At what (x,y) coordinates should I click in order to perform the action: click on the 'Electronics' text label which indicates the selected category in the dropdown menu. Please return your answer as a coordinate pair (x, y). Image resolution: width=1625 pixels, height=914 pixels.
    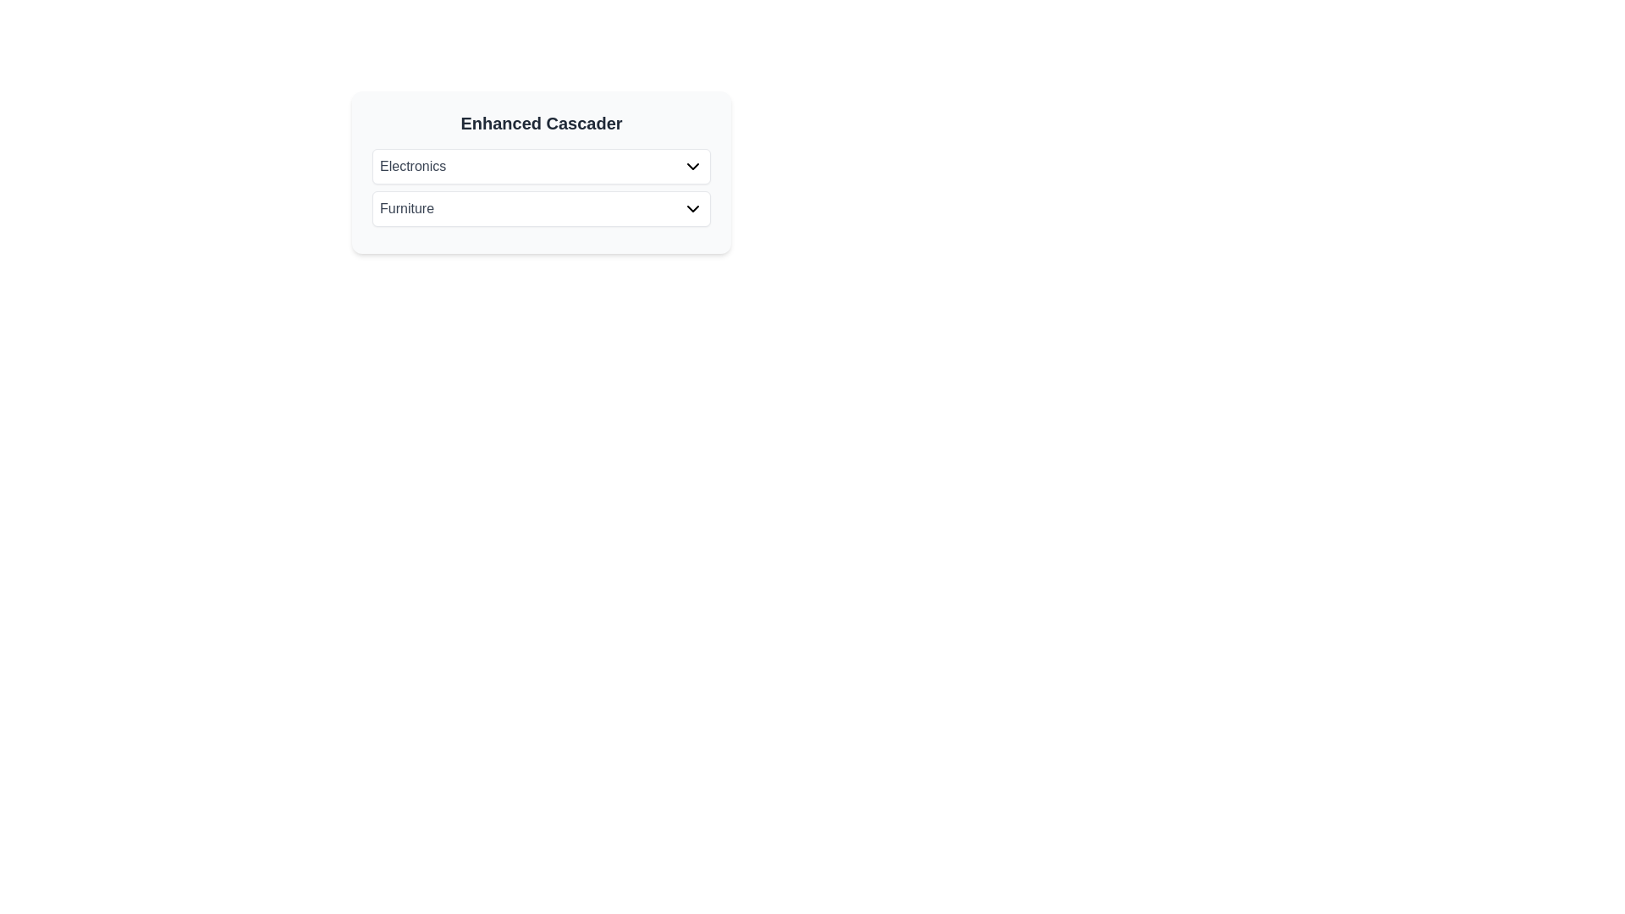
    Looking at the image, I should click on (413, 166).